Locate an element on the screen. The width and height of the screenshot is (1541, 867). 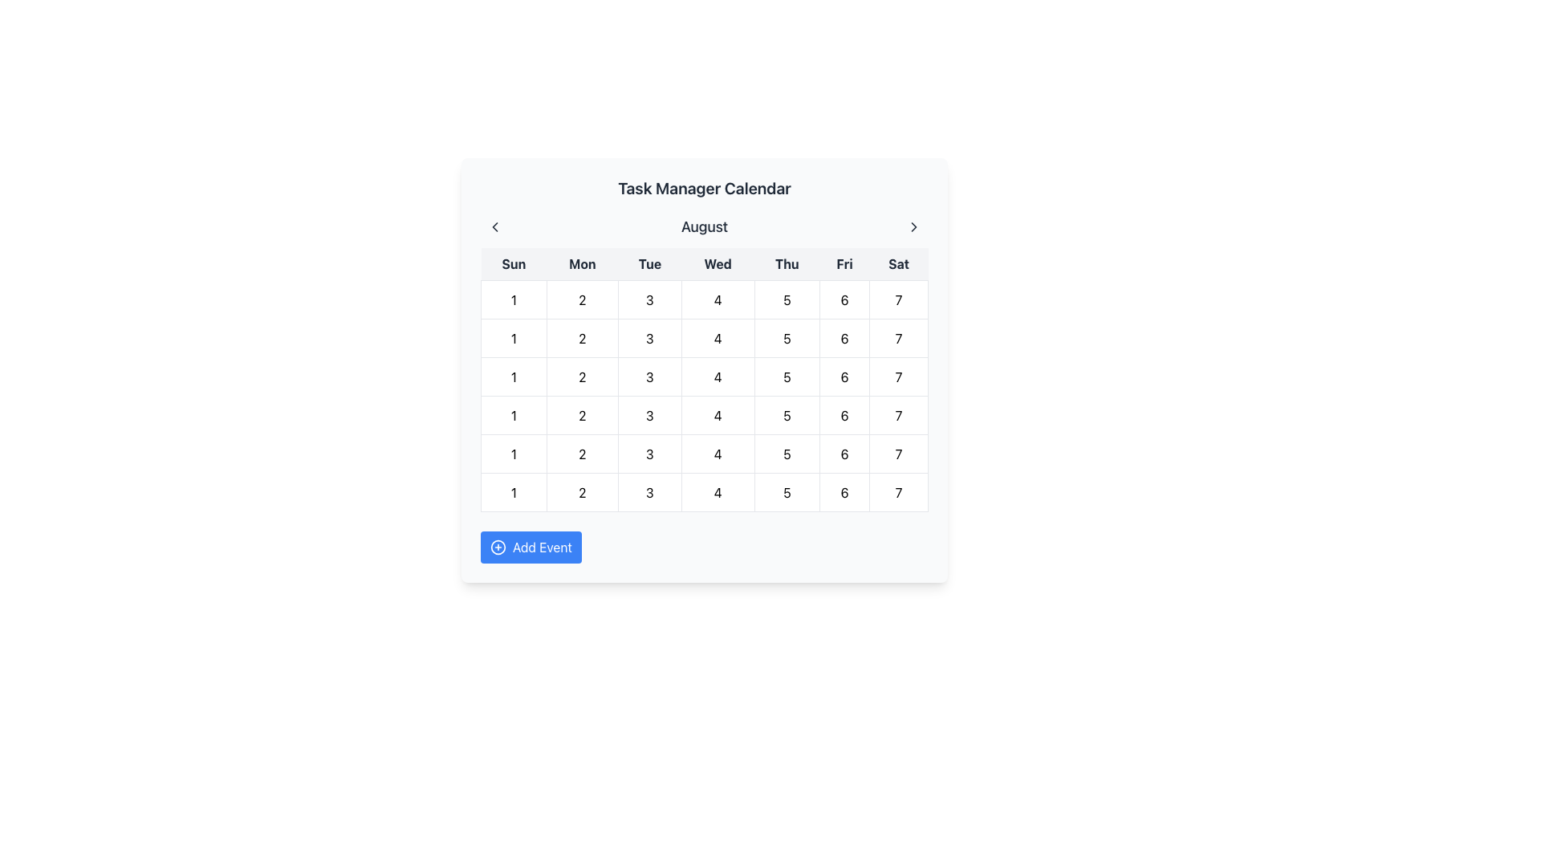
the second cell in the first row of the calendar grid is located at coordinates (581, 337).